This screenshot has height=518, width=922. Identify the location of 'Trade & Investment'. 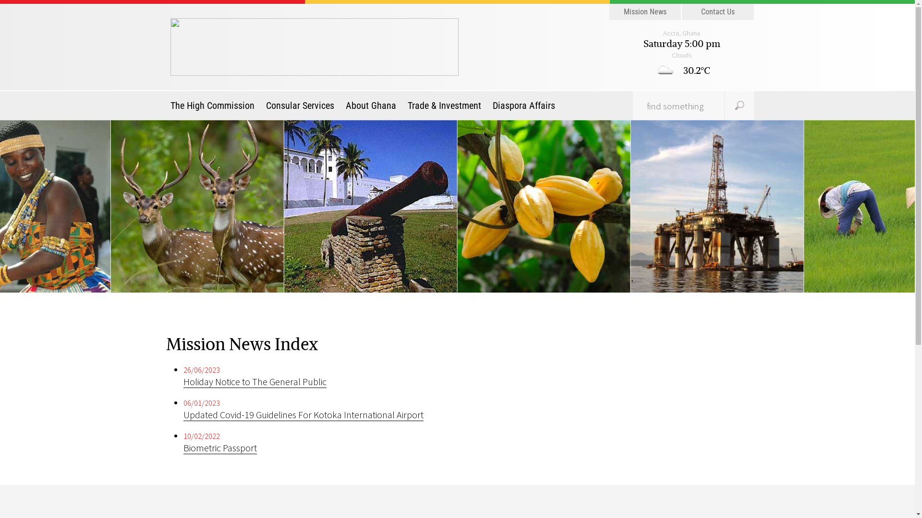
(403, 105).